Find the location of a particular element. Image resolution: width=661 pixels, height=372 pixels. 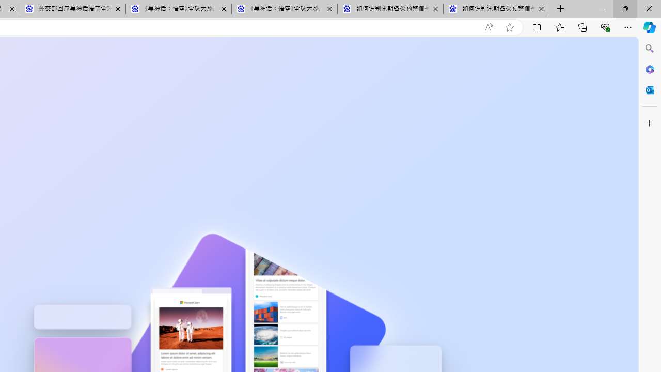

'Favorites' is located at coordinates (559, 26).